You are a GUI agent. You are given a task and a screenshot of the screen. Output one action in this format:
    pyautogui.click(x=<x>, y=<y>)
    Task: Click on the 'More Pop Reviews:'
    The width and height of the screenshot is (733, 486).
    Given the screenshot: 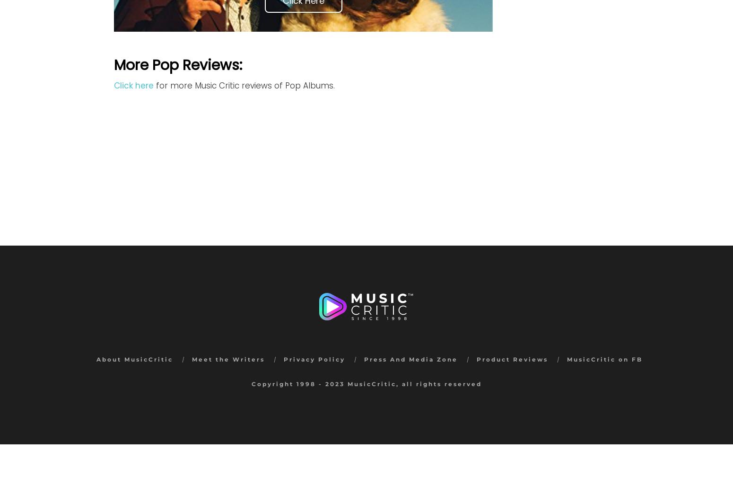 What is the action you would take?
    pyautogui.click(x=177, y=65)
    